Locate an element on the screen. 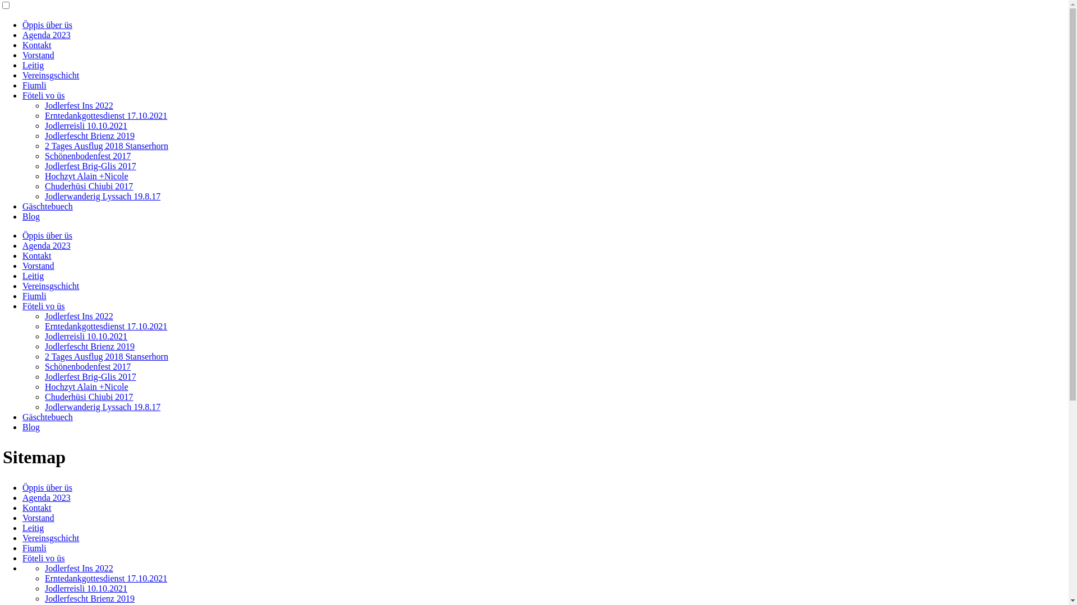  'Jodlerfescht Brienz 2019' is located at coordinates (89, 135).